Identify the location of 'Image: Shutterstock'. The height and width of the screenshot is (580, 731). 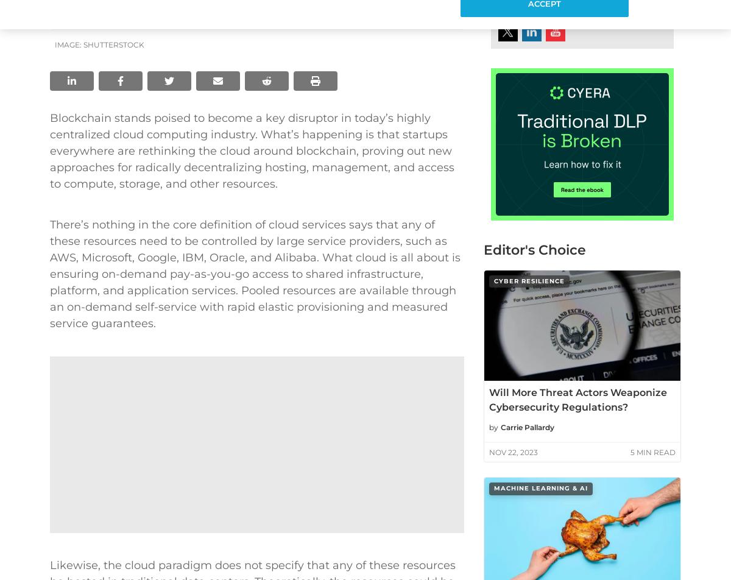
(99, 44).